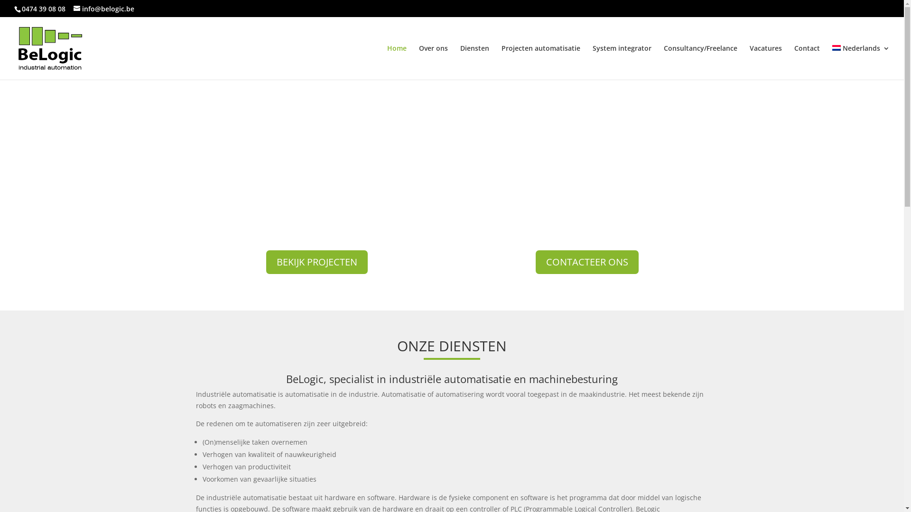 The image size is (911, 512). I want to click on 'info@belogic.be', so click(104, 8).